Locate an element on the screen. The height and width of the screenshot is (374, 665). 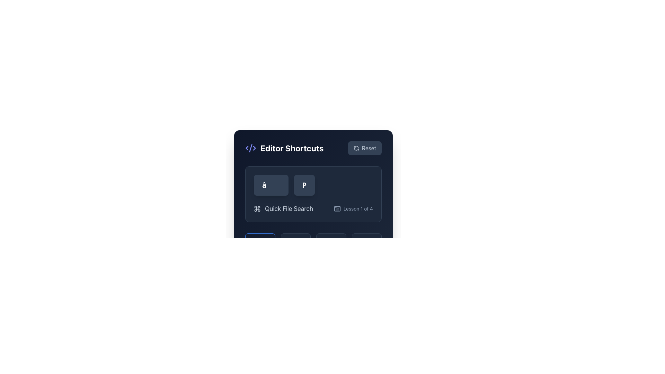
the 'Editor Shortcuts' text label, which is prominently displayed in bold white font in the UI, located slightly to the right of a code icon and centered horizontally within its section is located at coordinates (292, 148).